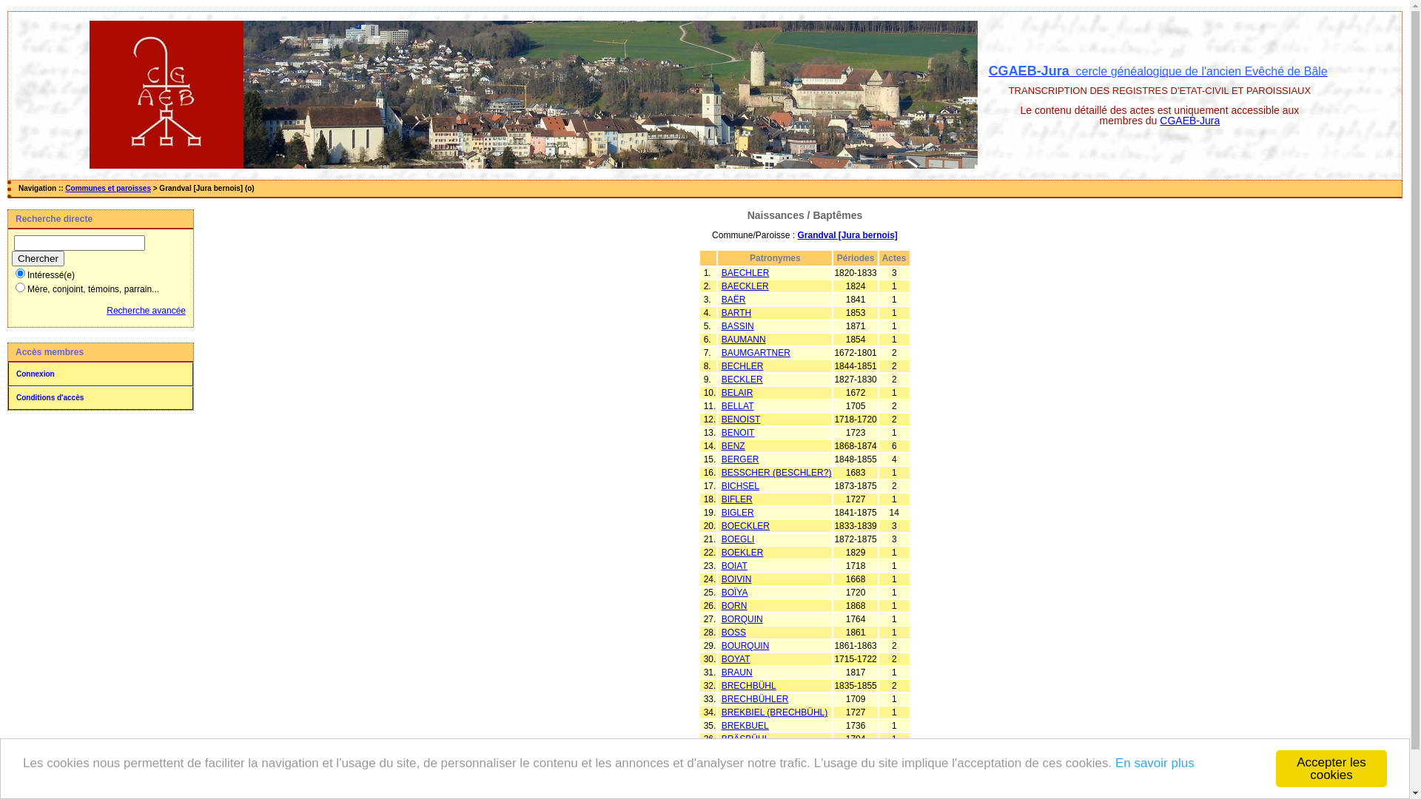 Image resolution: width=1421 pixels, height=799 pixels. What do you see at coordinates (1154, 763) in the screenshot?
I see `'En savoir plus'` at bounding box center [1154, 763].